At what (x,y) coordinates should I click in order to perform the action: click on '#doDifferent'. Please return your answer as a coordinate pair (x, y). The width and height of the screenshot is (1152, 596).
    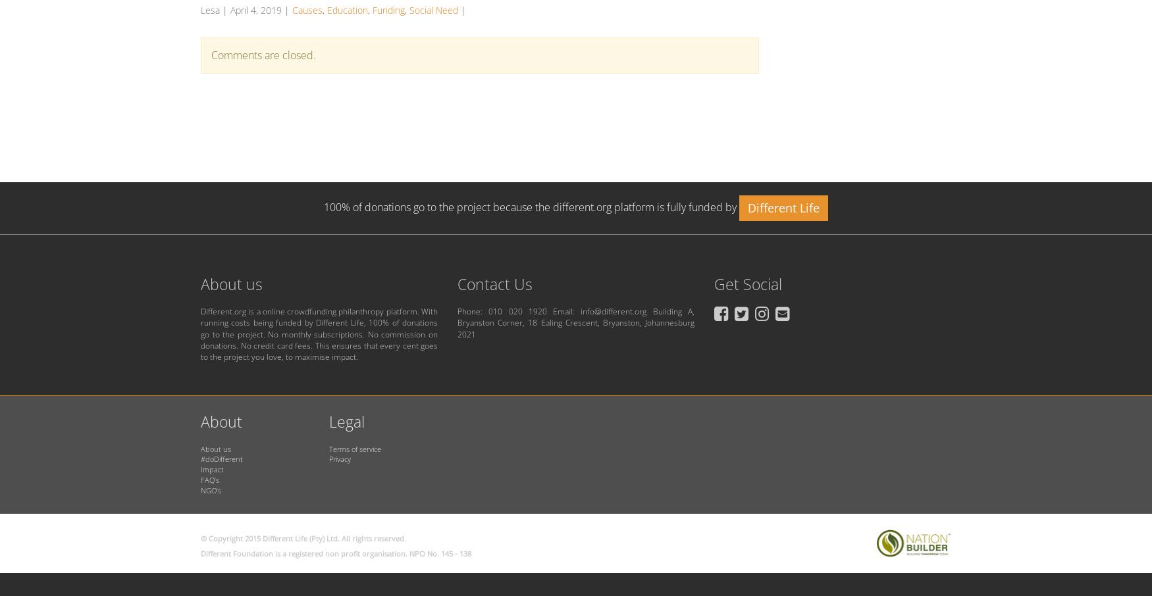
    Looking at the image, I should click on (222, 459).